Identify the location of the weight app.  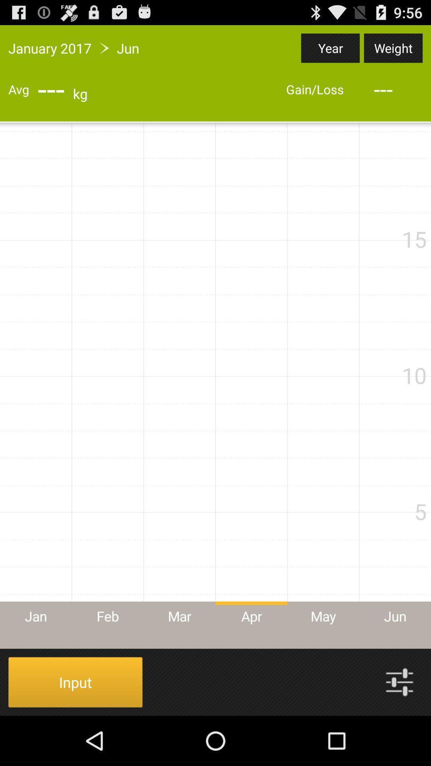
(393, 47).